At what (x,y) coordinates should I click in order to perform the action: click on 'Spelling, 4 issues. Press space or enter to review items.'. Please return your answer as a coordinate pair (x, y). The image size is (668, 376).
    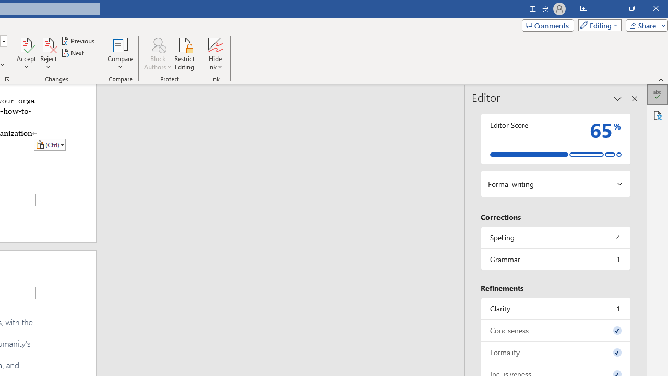
    Looking at the image, I should click on (555, 237).